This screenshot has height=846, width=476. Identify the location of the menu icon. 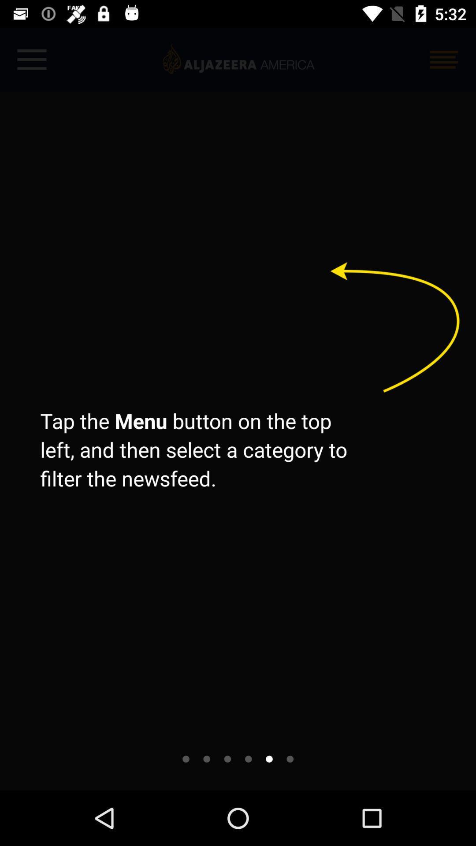
(444, 59).